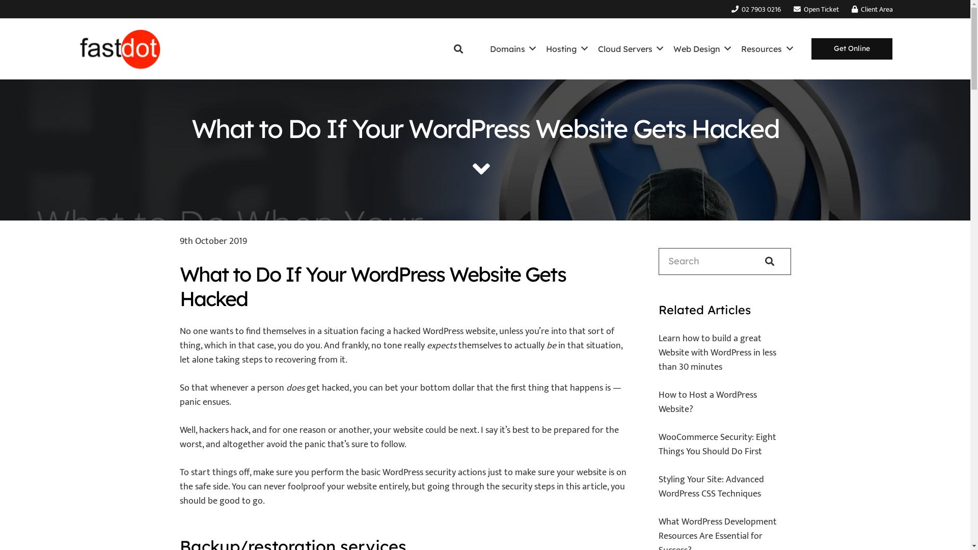 The height and width of the screenshot is (550, 978). I want to click on '02 7903 0216', so click(756, 9).